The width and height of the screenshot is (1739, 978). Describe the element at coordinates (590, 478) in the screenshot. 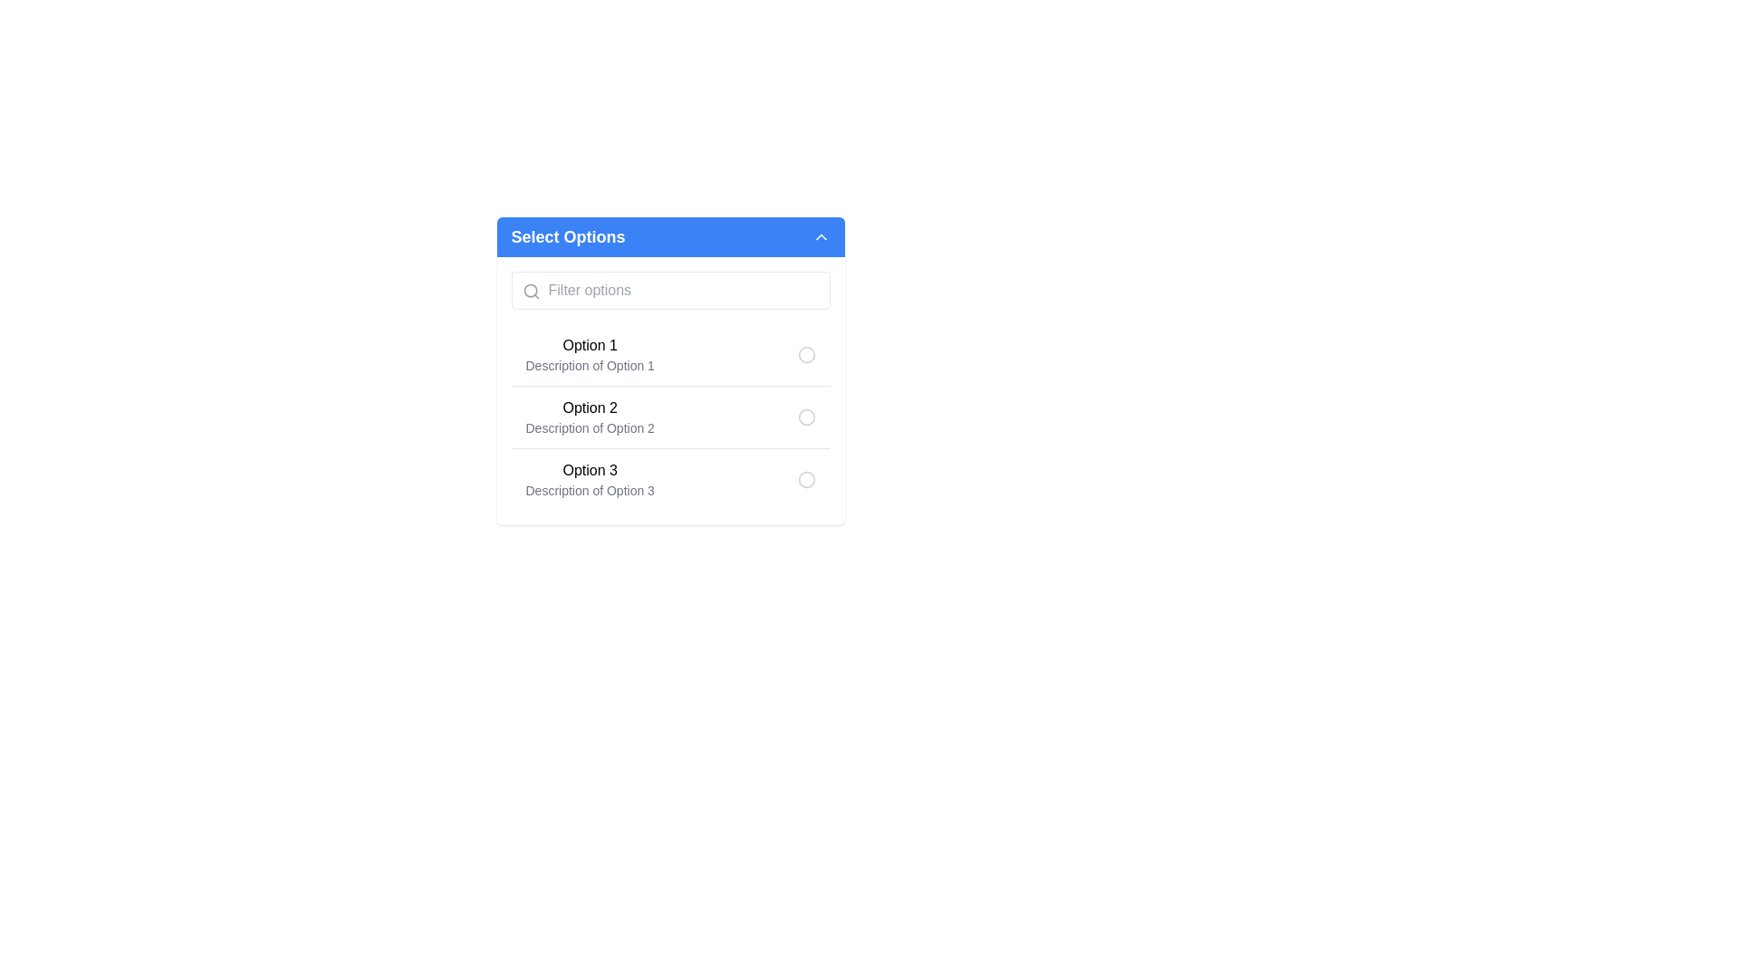

I see `the selectable list item labeled 'Option 3' in the dropdown menu` at that location.